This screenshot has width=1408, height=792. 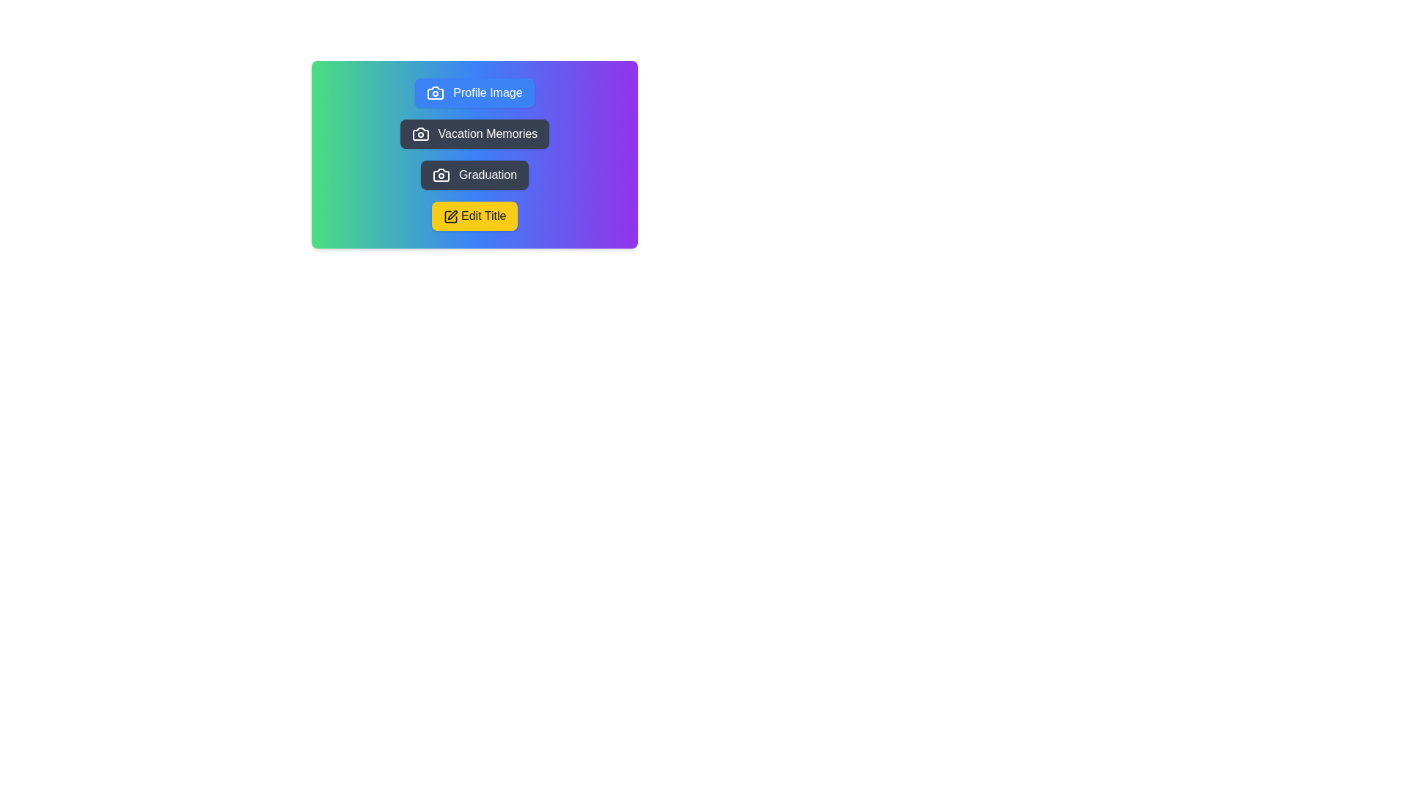 I want to click on the interactive button for editing the title, which is the fourth button in a vertical column layout, to observe its hover effect, so click(x=474, y=216).